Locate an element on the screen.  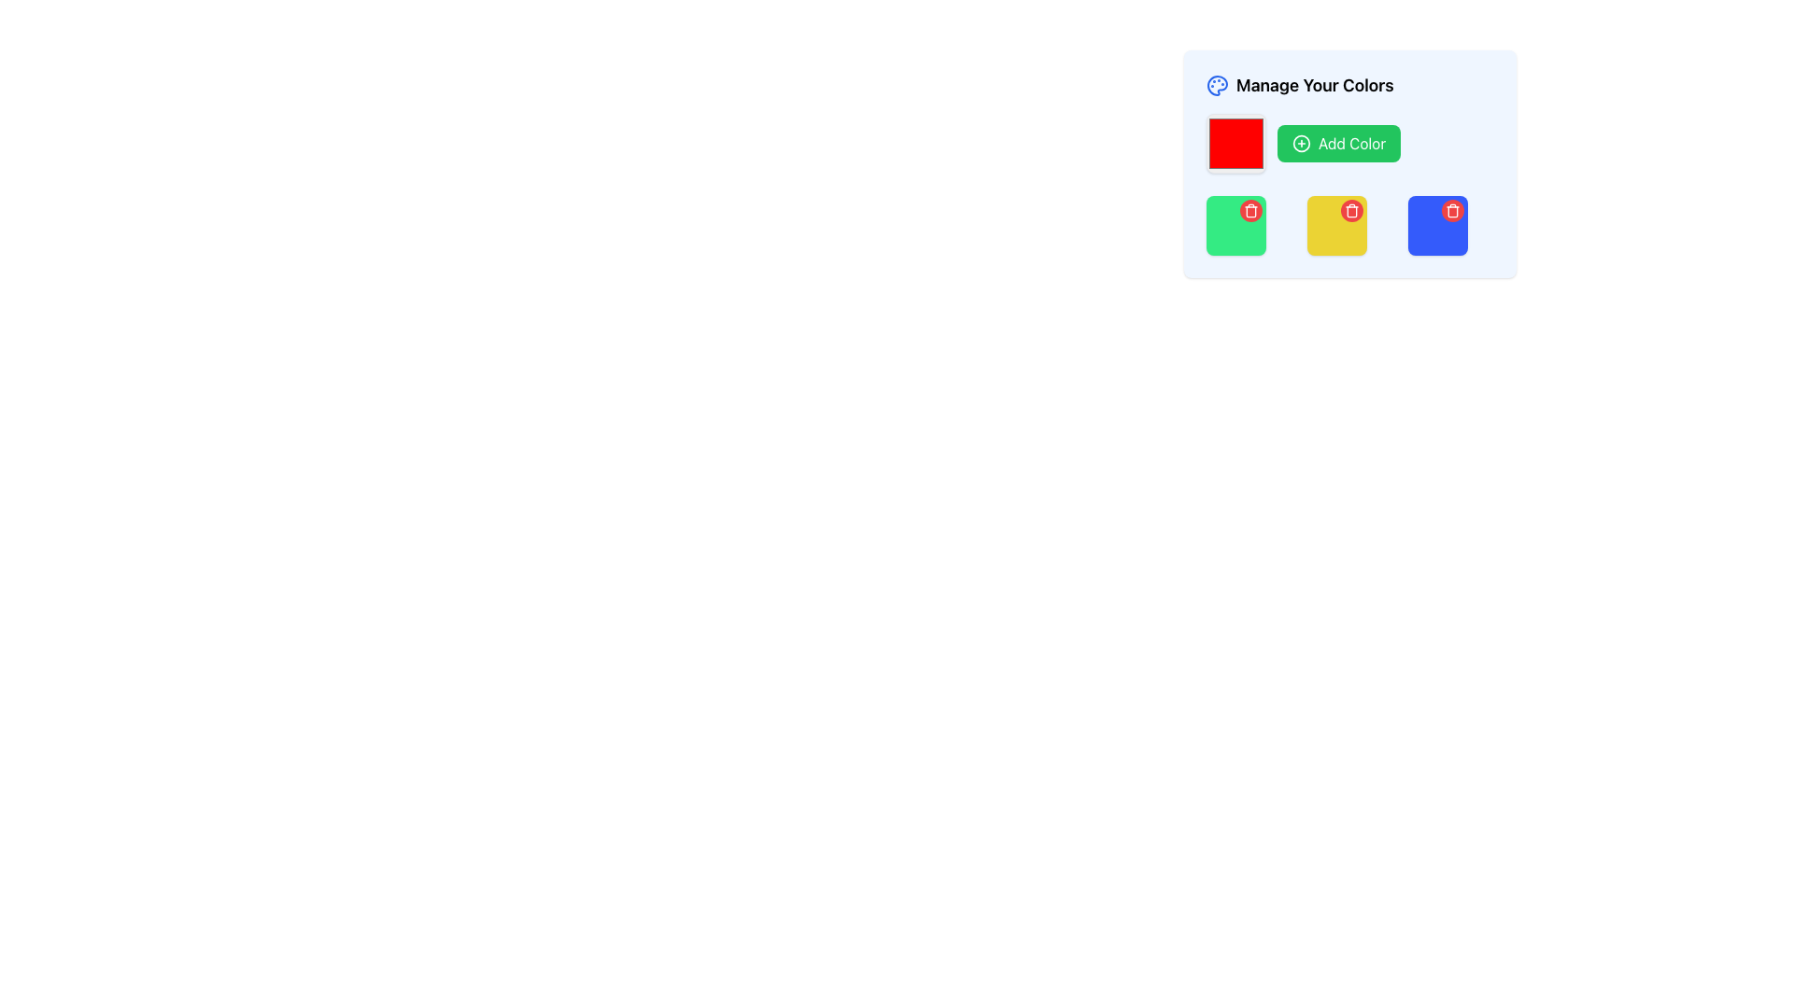
the Trash/Delete icon with a red background located at the top-right corner of the color block is located at coordinates (1352, 210).